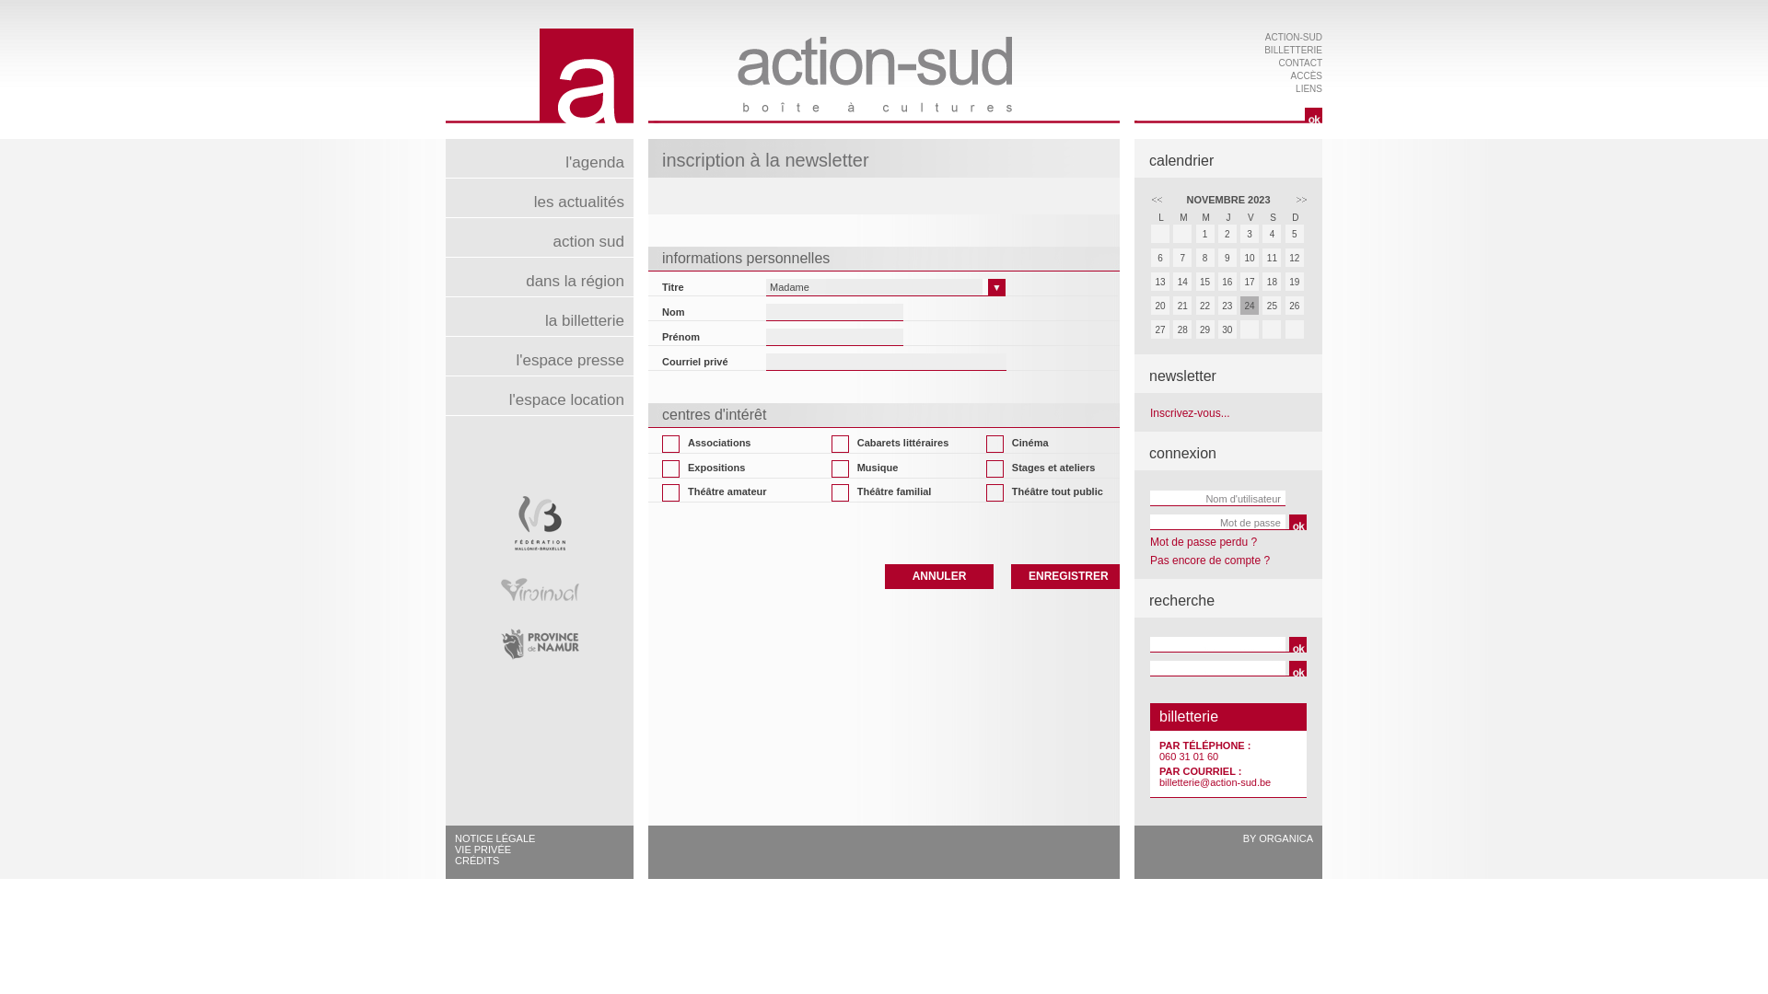  What do you see at coordinates (1190, 411) in the screenshot?
I see `'Inscrivez-vous...'` at bounding box center [1190, 411].